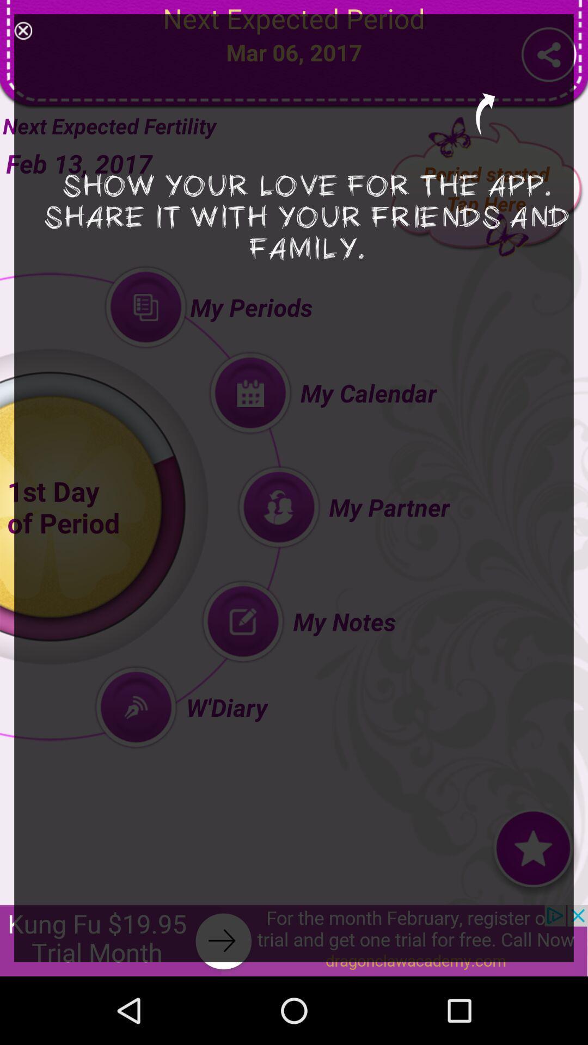  Describe the element at coordinates (23, 30) in the screenshot. I see `item next to the h` at that location.